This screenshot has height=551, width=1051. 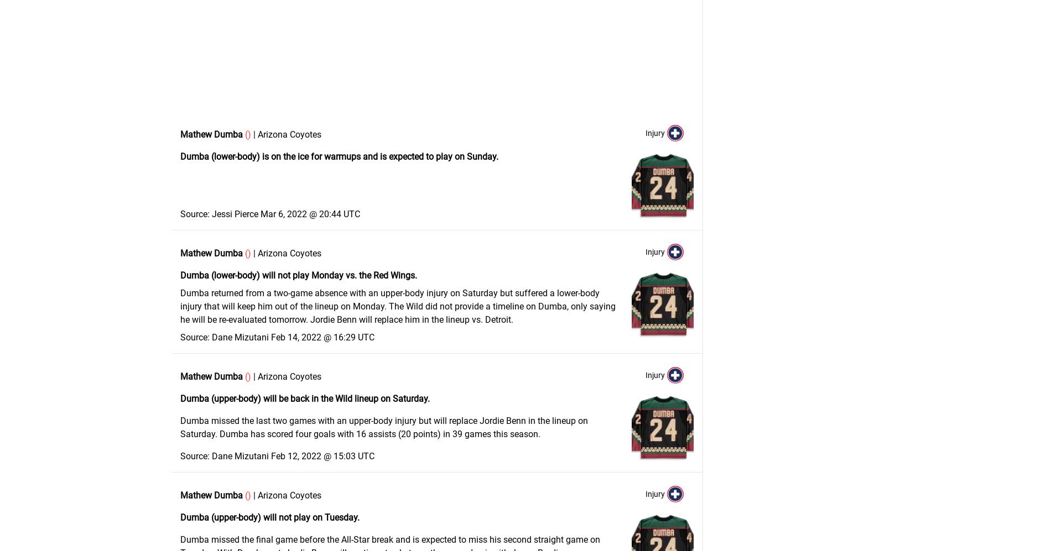 What do you see at coordinates (235, 214) in the screenshot?
I see `'Jessi Pierce'` at bounding box center [235, 214].